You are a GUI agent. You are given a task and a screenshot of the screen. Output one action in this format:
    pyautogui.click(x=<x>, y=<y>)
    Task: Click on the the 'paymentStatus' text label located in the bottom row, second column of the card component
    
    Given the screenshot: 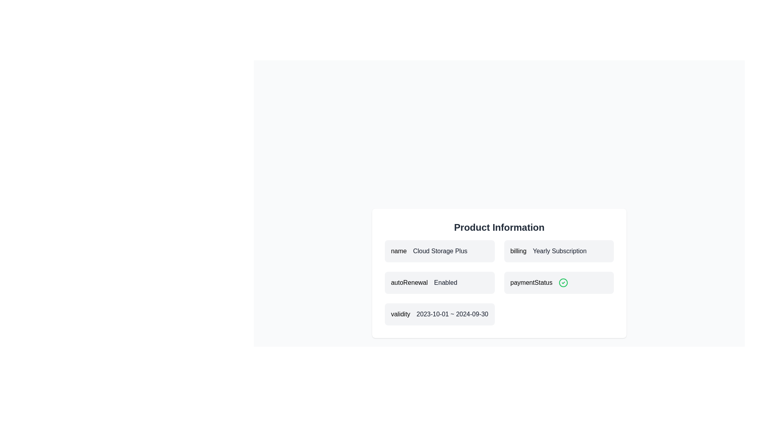 What is the action you would take?
    pyautogui.click(x=531, y=282)
    